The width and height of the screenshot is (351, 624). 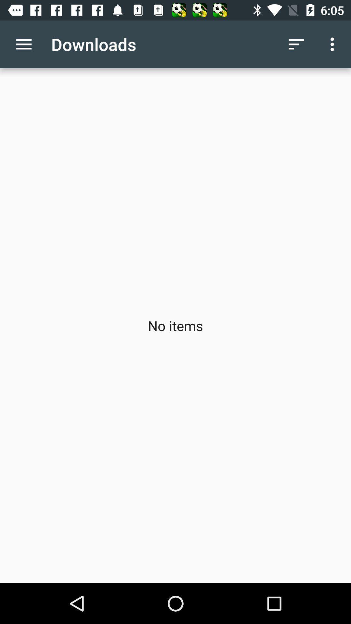 What do you see at coordinates (296, 44) in the screenshot?
I see `app to the right of downloads app` at bounding box center [296, 44].